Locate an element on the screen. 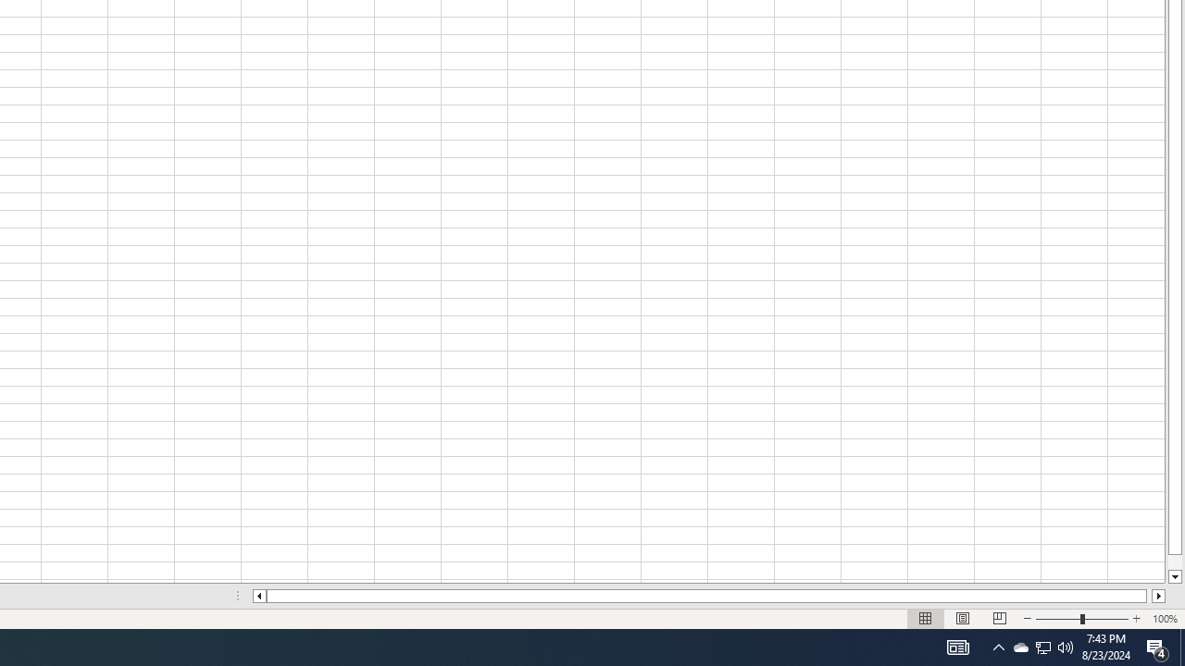 The width and height of the screenshot is (1185, 666). 'Page down' is located at coordinates (1174, 561).